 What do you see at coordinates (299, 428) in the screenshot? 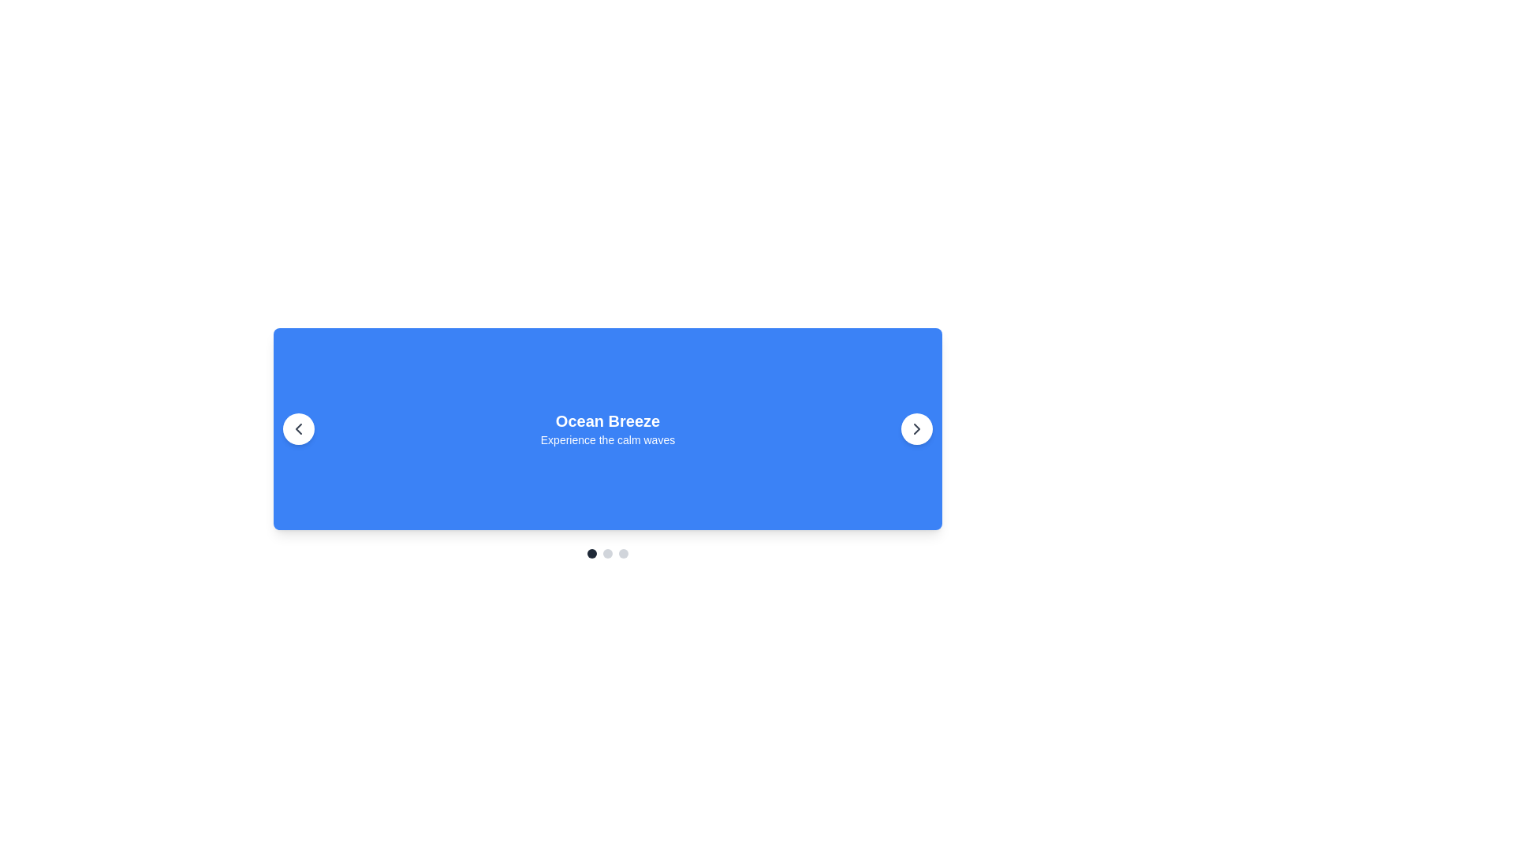
I see `the circular button with a white background and a black leftward arrow icon` at bounding box center [299, 428].